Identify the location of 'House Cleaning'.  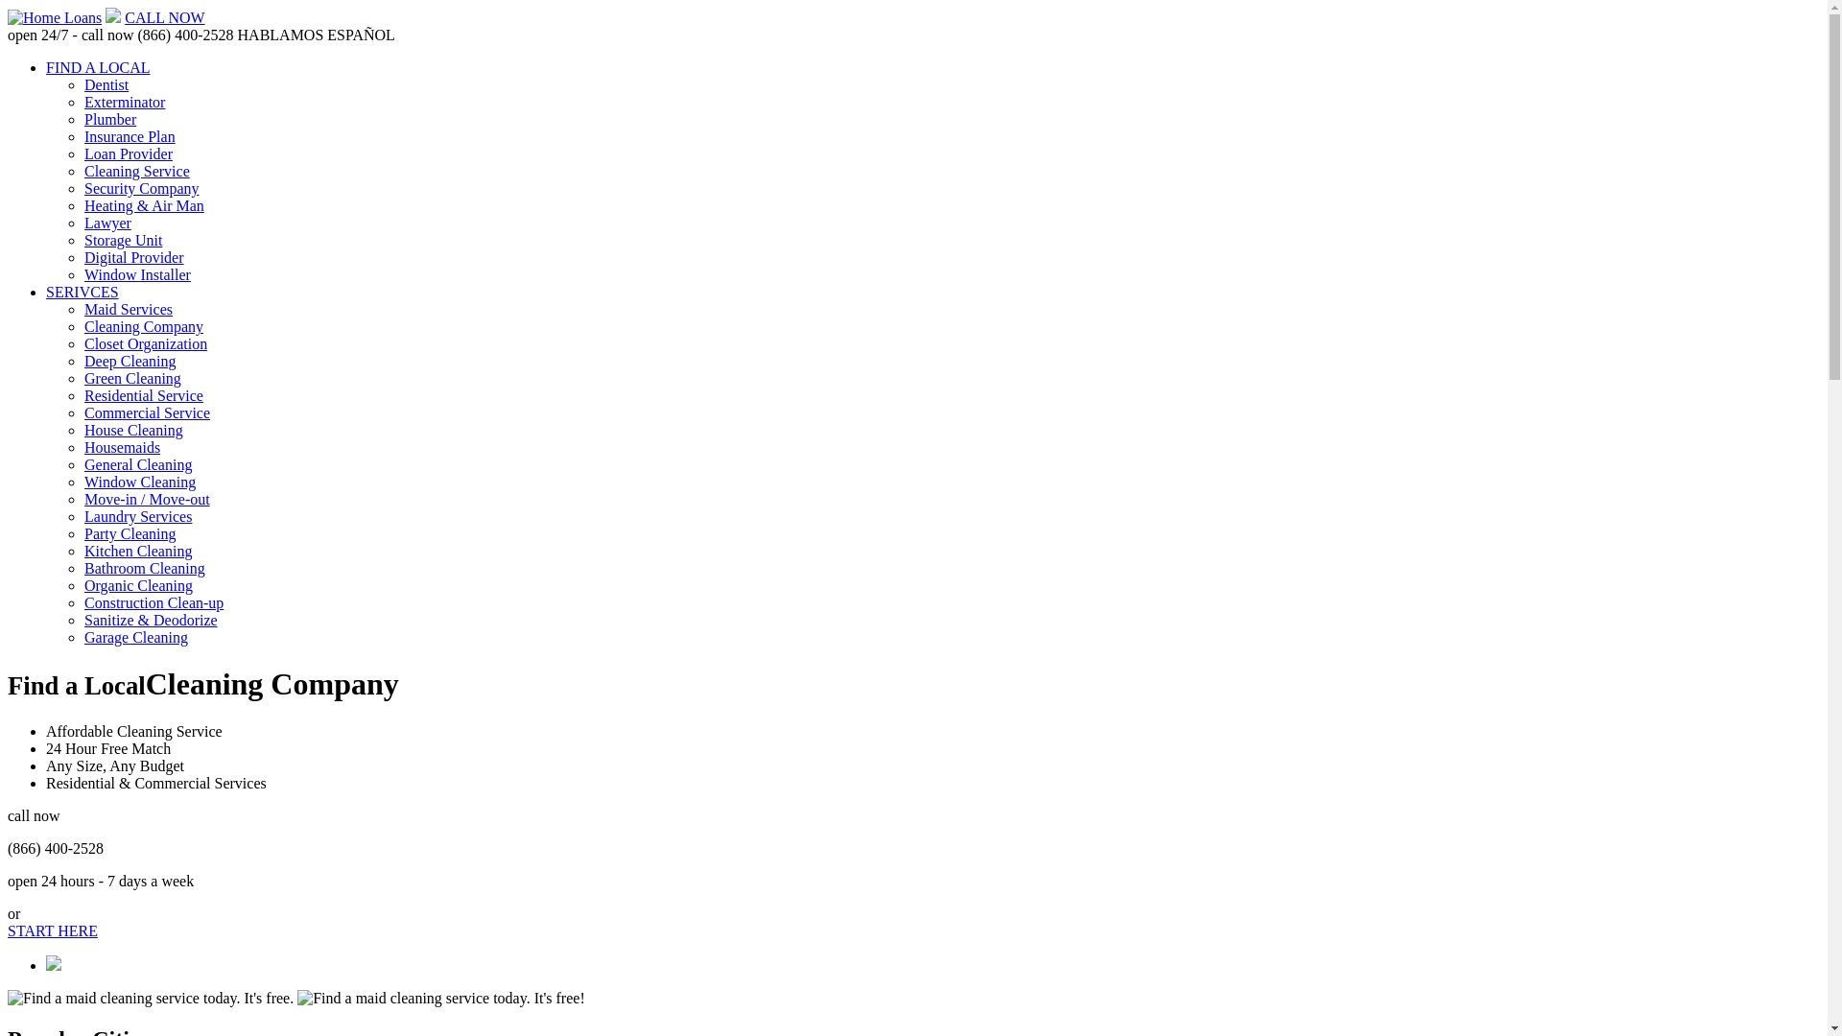
(132, 429).